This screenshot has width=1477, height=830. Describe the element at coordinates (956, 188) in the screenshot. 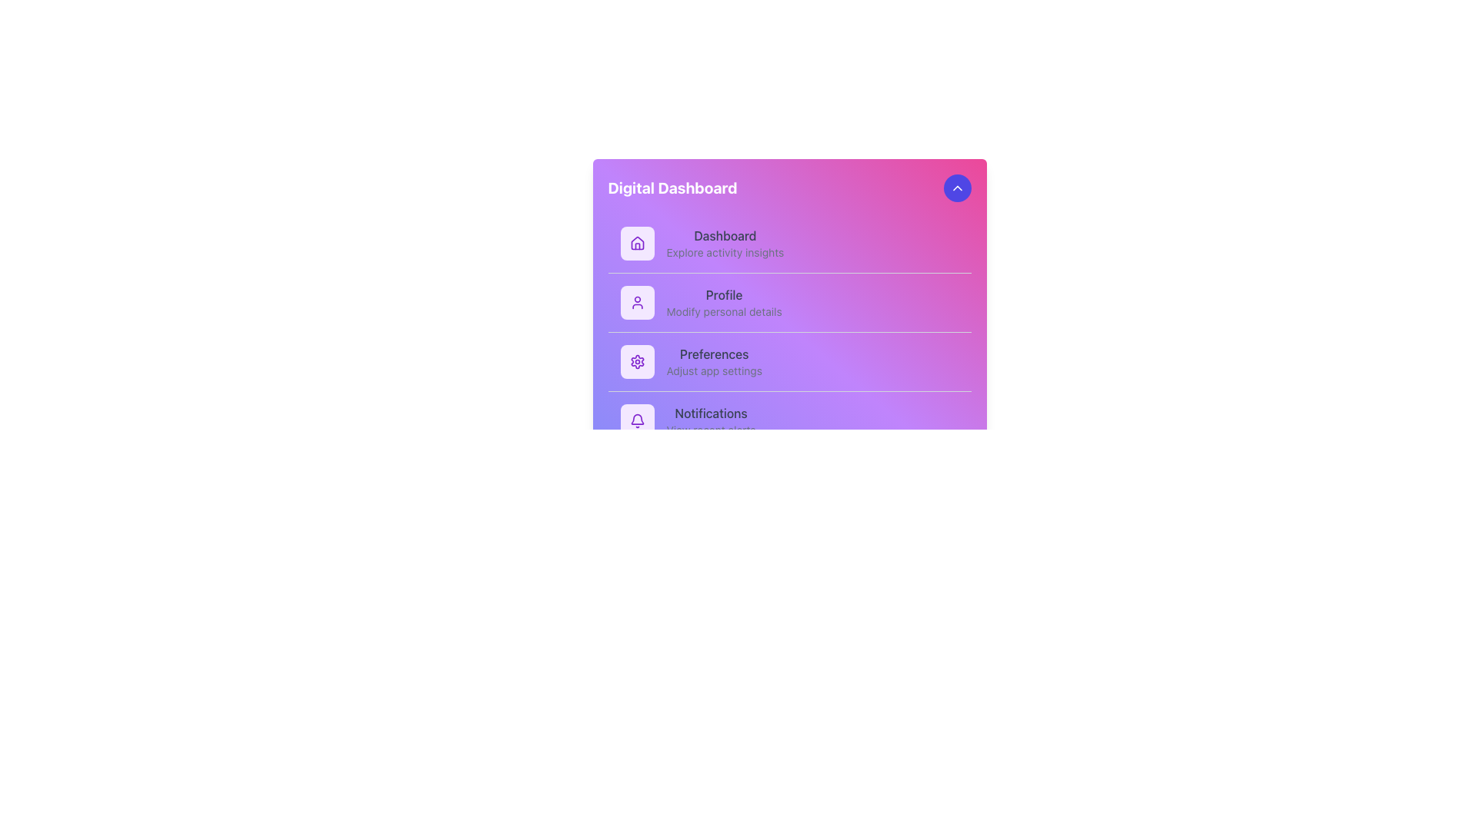

I see `the small upward-facing arrow icon located at the top-right corner of the card-like layout` at that location.